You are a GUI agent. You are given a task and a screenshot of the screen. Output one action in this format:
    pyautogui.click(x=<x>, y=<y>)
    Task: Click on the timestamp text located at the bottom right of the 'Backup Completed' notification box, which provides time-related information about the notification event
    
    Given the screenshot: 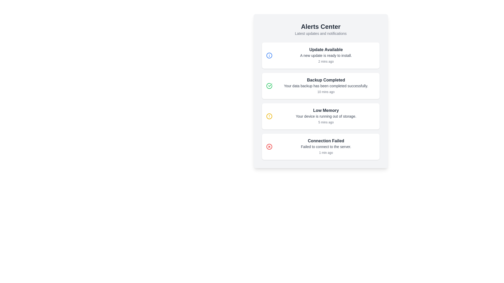 What is the action you would take?
    pyautogui.click(x=326, y=92)
    